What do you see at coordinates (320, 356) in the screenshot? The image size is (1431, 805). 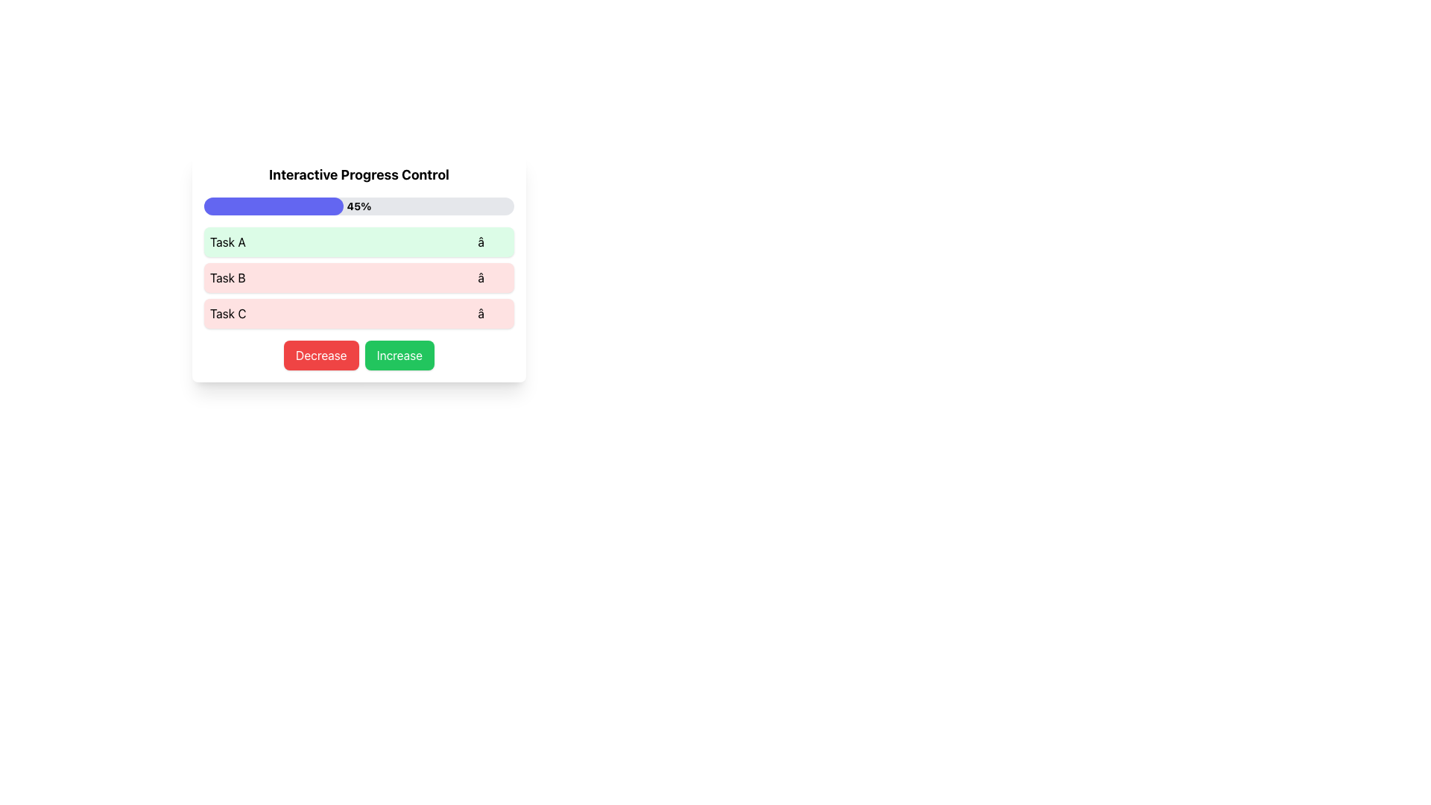 I see `the 'Decrease' button, which is a red rectangular button with white text and rounded corners, to observe its interactive styling` at bounding box center [320, 356].